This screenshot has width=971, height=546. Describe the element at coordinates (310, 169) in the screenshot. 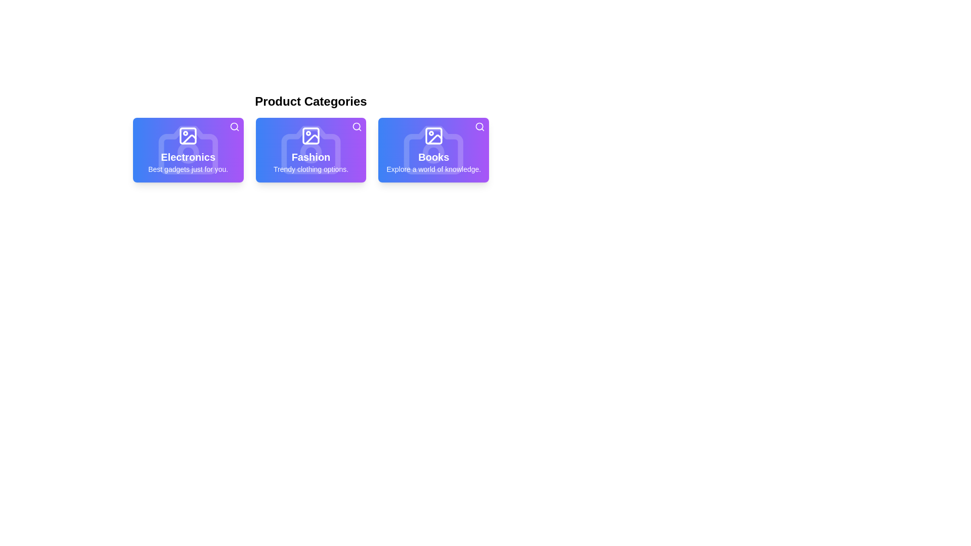

I see `the Text Label that displays 'Trendy clothing options.' which is styled with a white font on a purple background, located under the heading 'Fashion'` at that location.